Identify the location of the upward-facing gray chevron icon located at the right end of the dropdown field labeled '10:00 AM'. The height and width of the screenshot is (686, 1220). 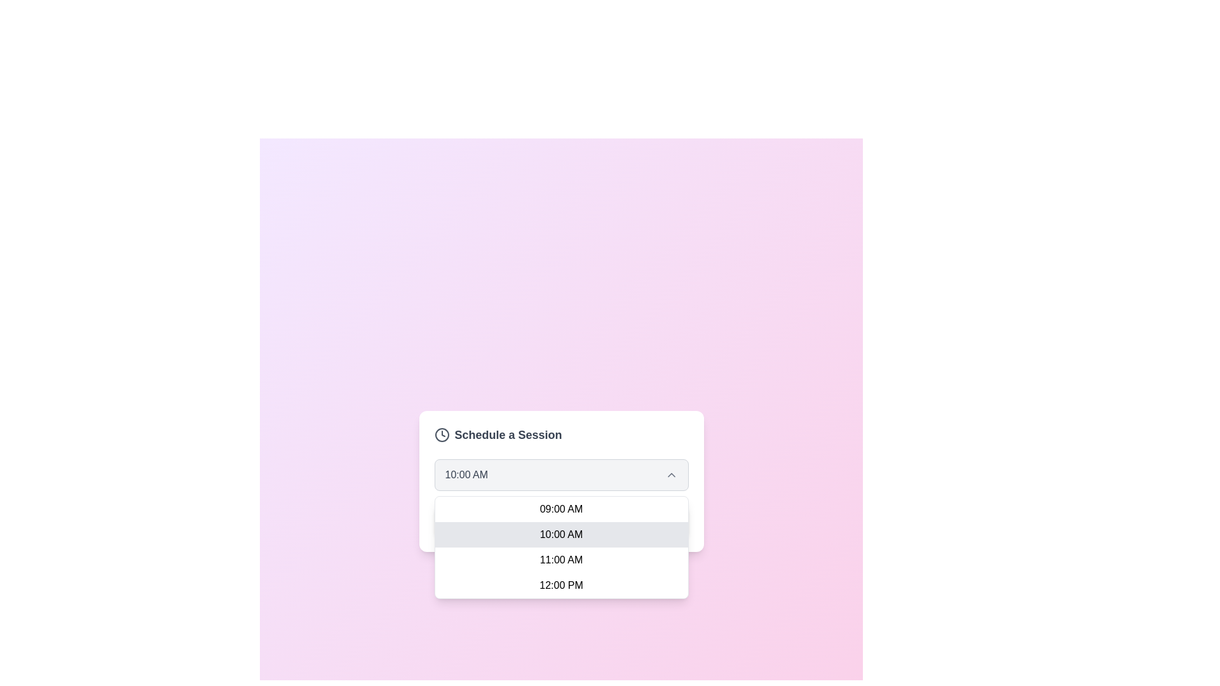
(670, 475).